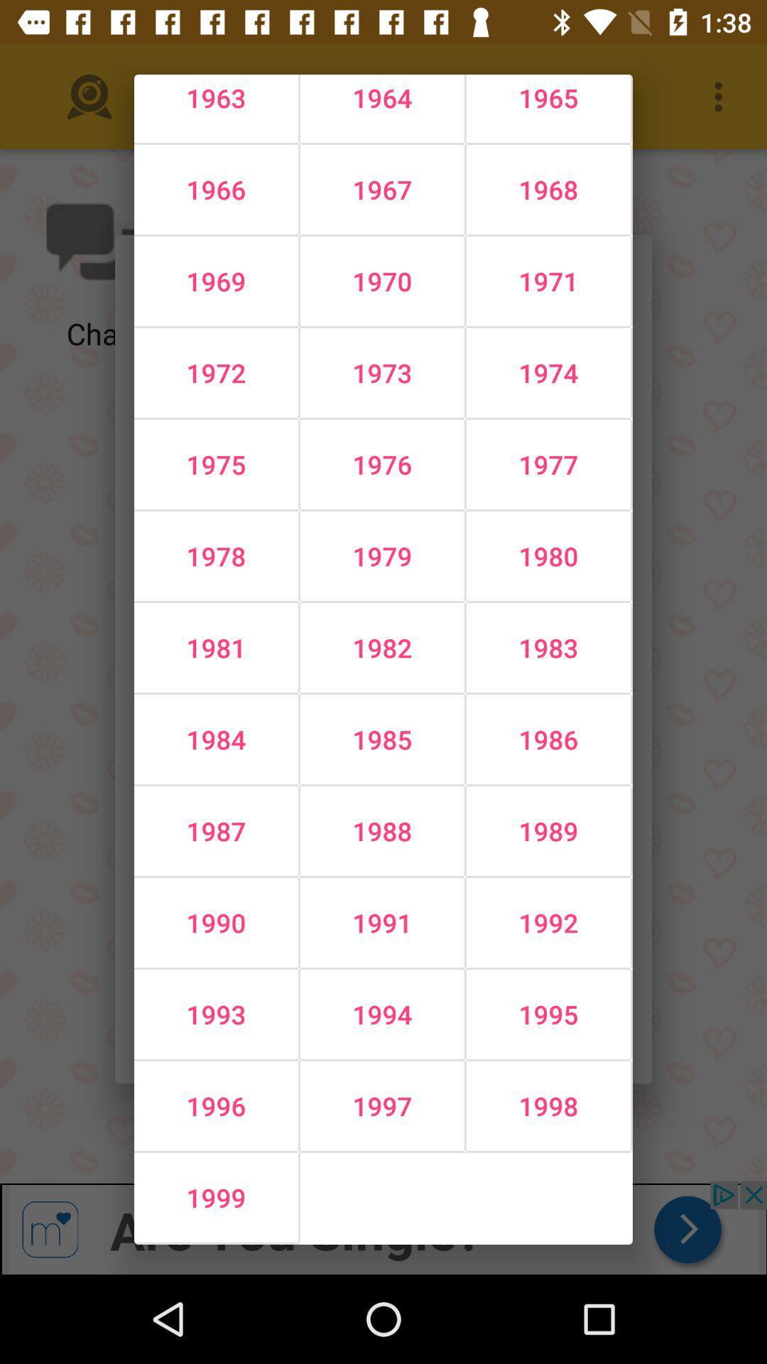 The height and width of the screenshot is (1364, 767). I want to click on icon to the right of the 1982 item, so click(548, 739).